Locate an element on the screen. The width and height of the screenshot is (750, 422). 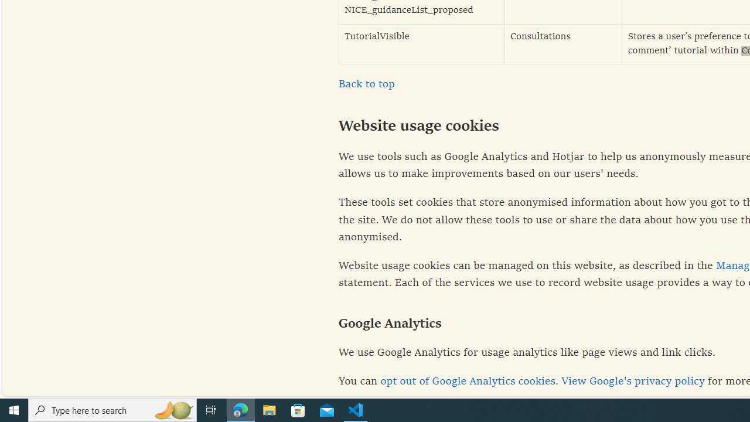
'TutorialVisible' is located at coordinates (421, 43).